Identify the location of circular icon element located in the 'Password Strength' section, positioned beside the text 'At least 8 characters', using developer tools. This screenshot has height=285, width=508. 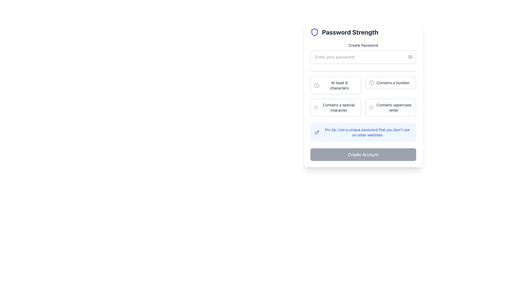
(316, 85).